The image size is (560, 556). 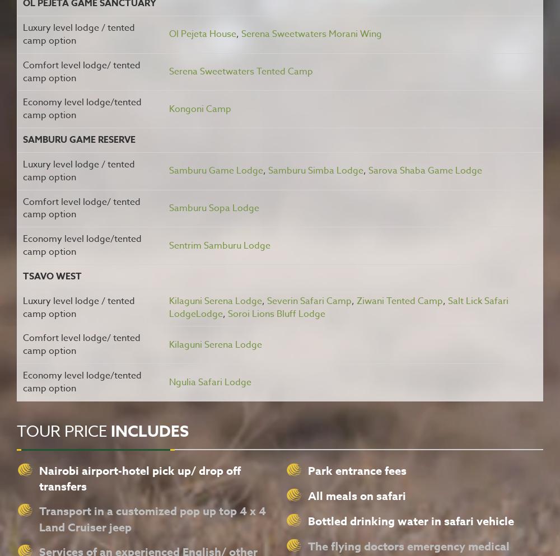 I want to click on 'Tour Price', so click(x=63, y=431).